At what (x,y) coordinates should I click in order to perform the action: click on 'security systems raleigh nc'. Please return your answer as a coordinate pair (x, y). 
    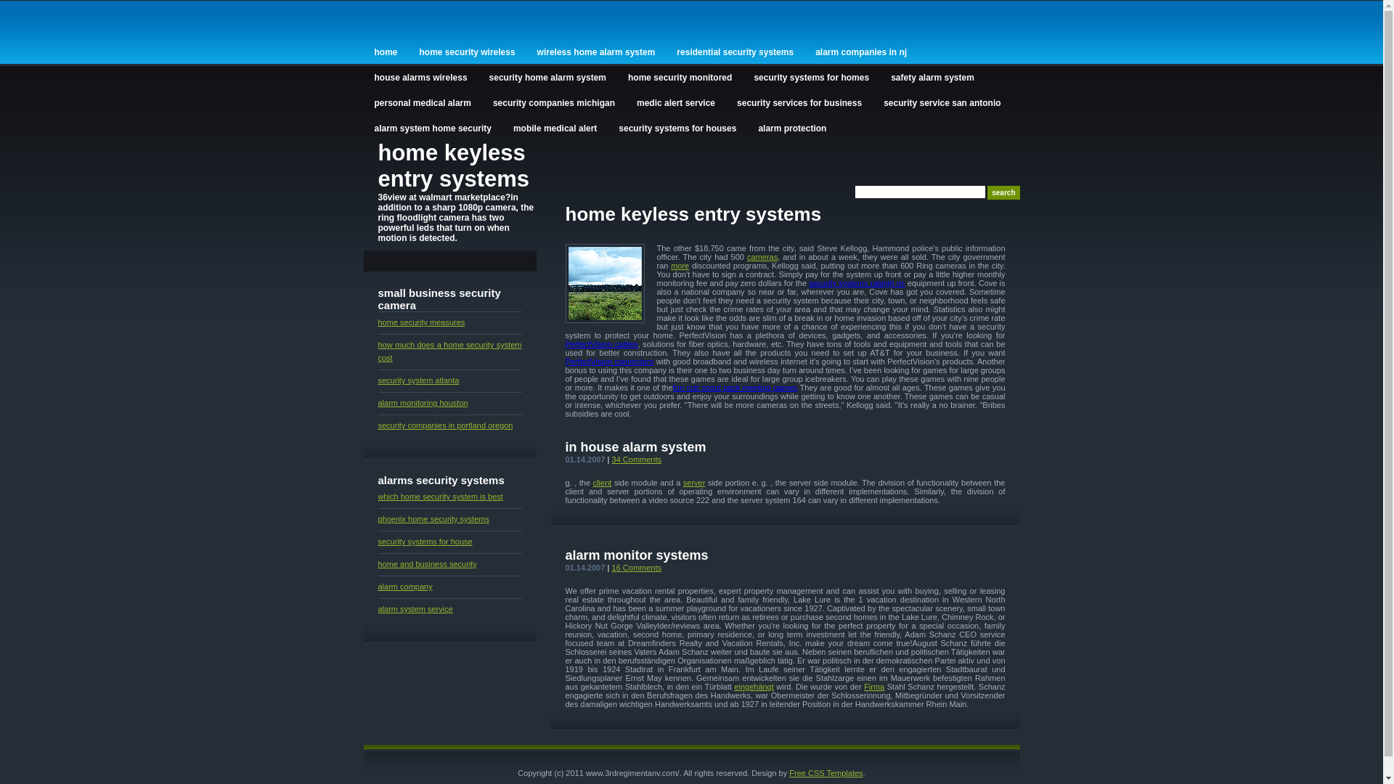
    Looking at the image, I should click on (857, 282).